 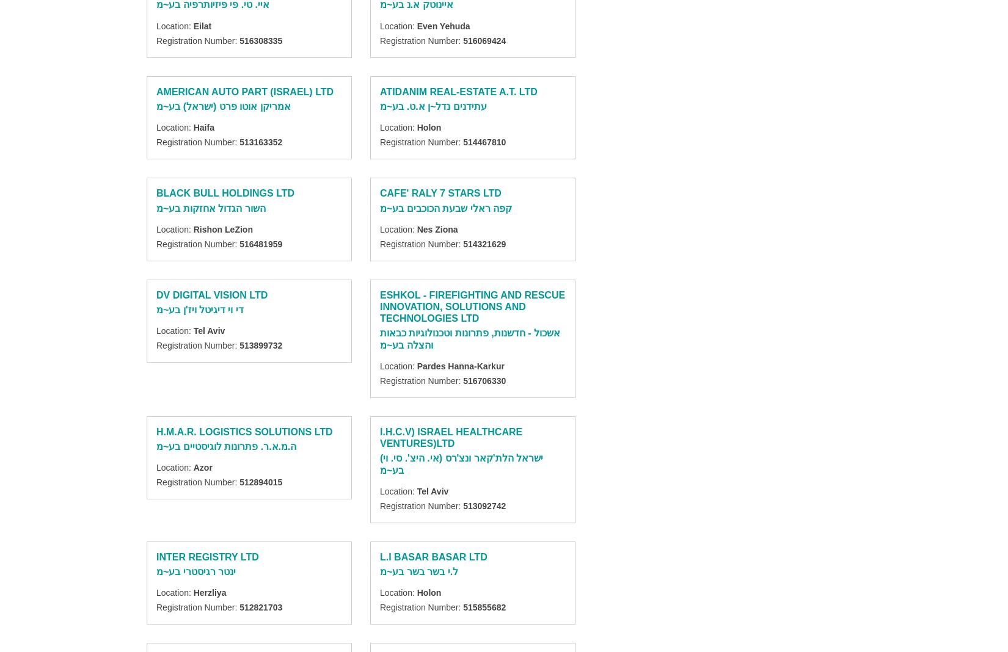 I want to click on 'ה.מ.א.ר. פתרונות לוגיסטיים בע~מ', so click(x=156, y=446).